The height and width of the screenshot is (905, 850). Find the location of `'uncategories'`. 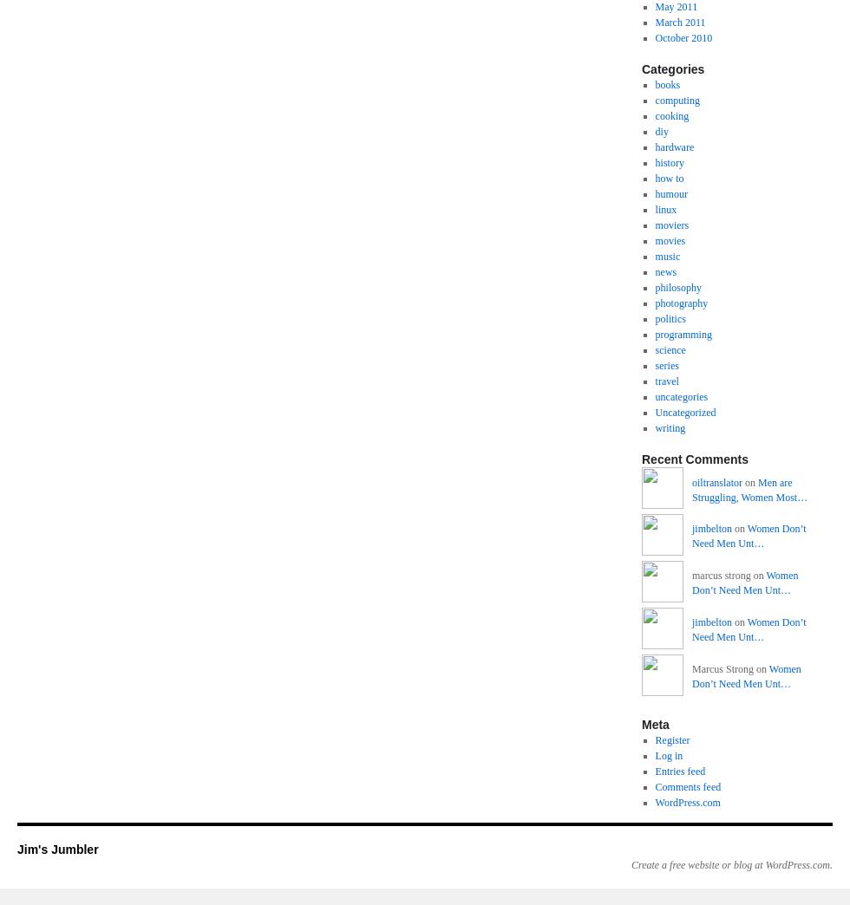

'uncategories' is located at coordinates (681, 397).